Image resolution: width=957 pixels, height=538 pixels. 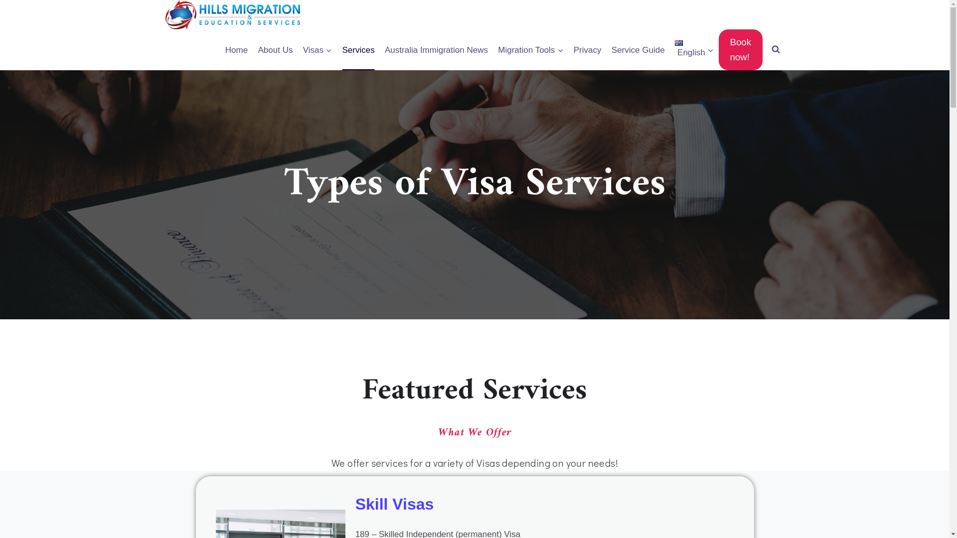 I want to click on 'Home', so click(x=236, y=50).